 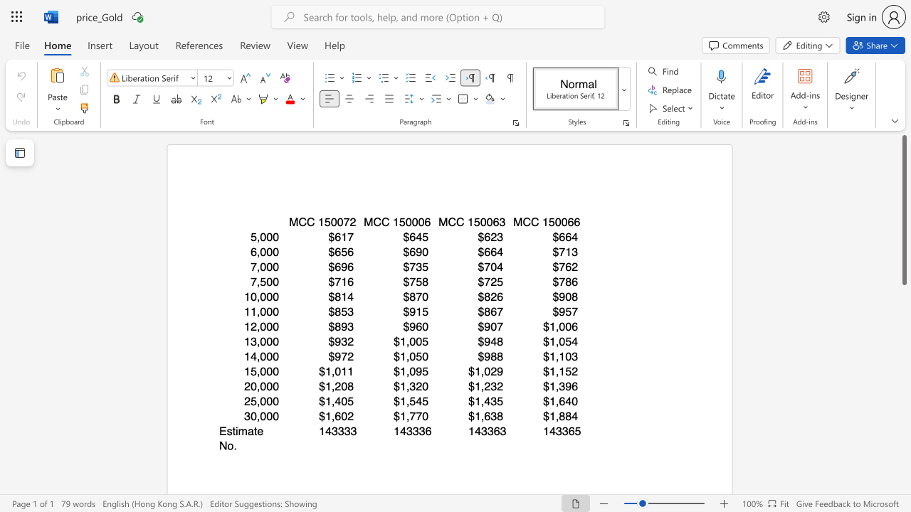 What do you see at coordinates (903, 348) in the screenshot?
I see `the scrollbar to slide the page down` at bounding box center [903, 348].